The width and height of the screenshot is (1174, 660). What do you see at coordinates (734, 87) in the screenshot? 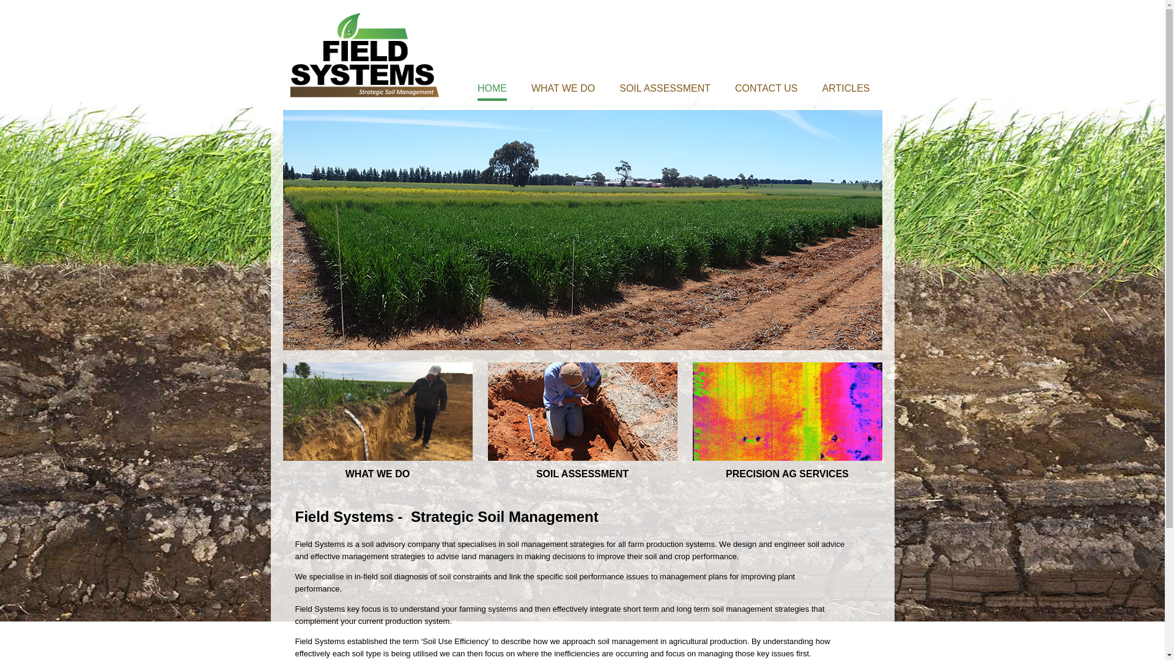
I see `'CONTACT US'` at bounding box center [734, 87].